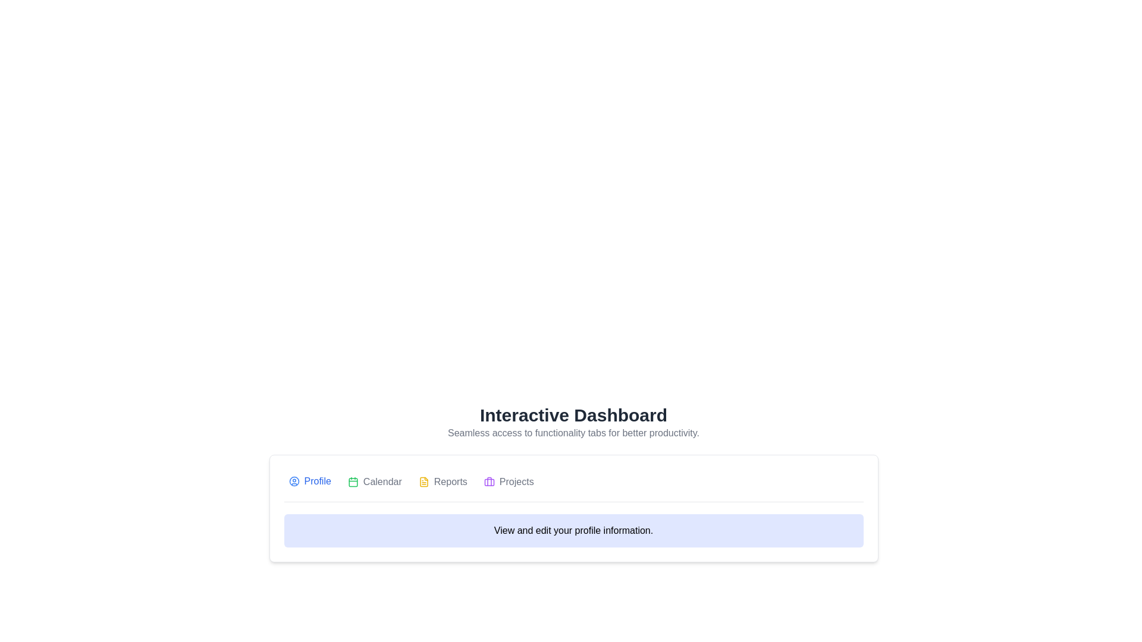  I want to click on the decorative 'Reports' icon located to the left of the 'Reports' text in the tab group at the center-bottom of the interface, so click(423, 481).